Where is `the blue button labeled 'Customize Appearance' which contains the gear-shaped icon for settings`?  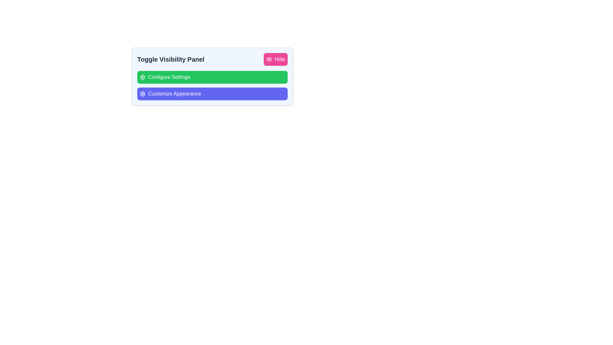 the blue button labeled 'Customize Appearance' which contains the gear-shaped icon for settings is located at coordinates (142, 94).